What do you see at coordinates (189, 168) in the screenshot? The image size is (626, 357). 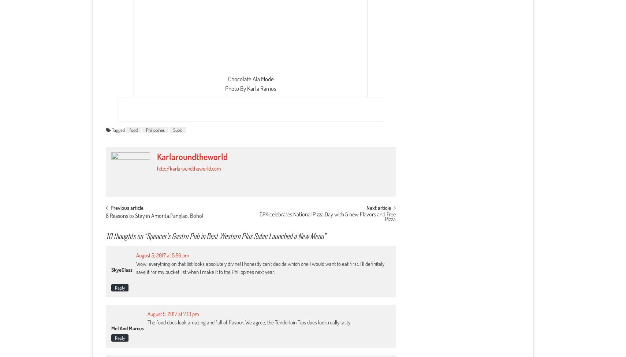 I see `'http://karlaroundtheworld.com'` at bounding box center [189, 168].